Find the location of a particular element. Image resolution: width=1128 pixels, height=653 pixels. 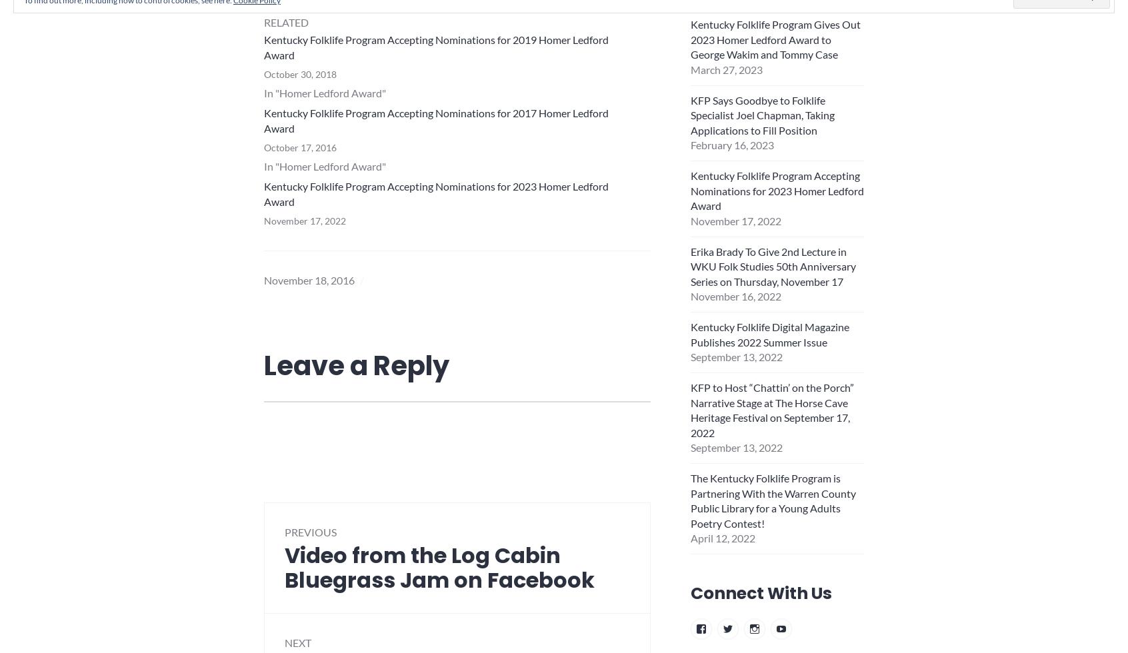

'April 12, 2022' is located at coordinates (689, 538).